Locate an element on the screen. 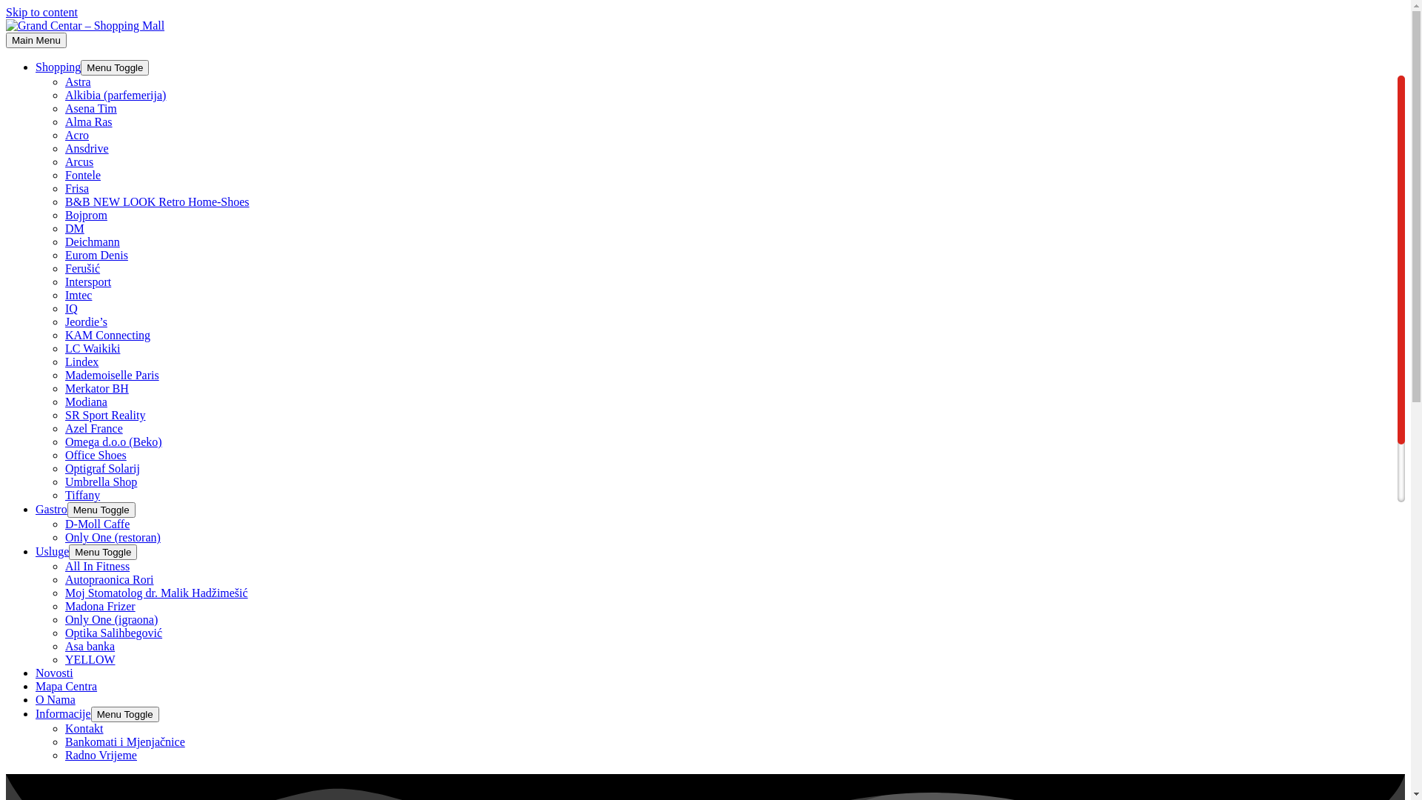 The width and height of the screenshot is (1422, 800). 'Wenice' is located at coordinates (81, 561).